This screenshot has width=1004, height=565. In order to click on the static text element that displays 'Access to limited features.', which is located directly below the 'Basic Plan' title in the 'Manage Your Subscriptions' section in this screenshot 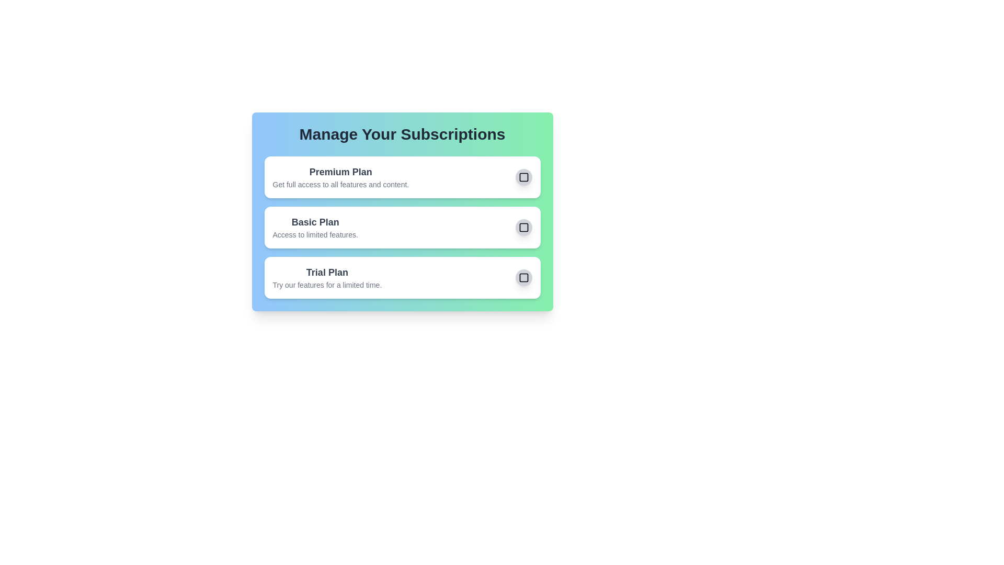, I will do `click(315, 234)`.